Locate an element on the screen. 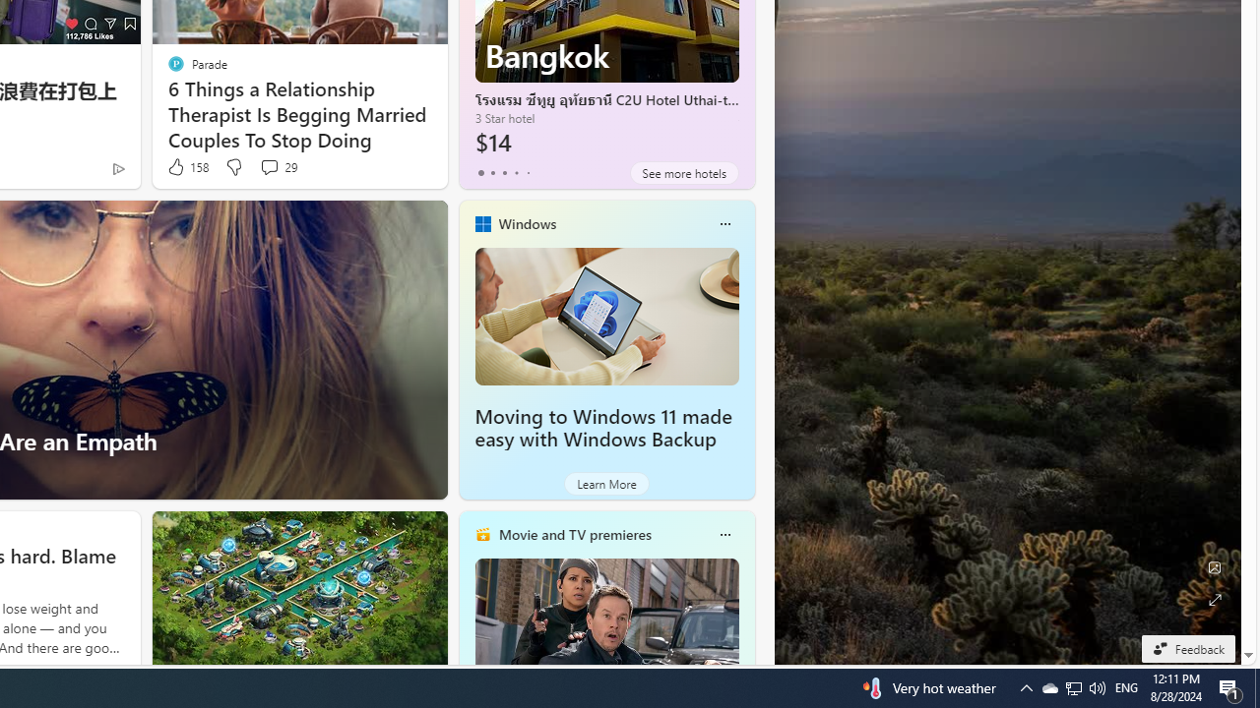 The height and width of the screenshot is (708, 1260). 'tab-2' is located at coordinates (504, 172).